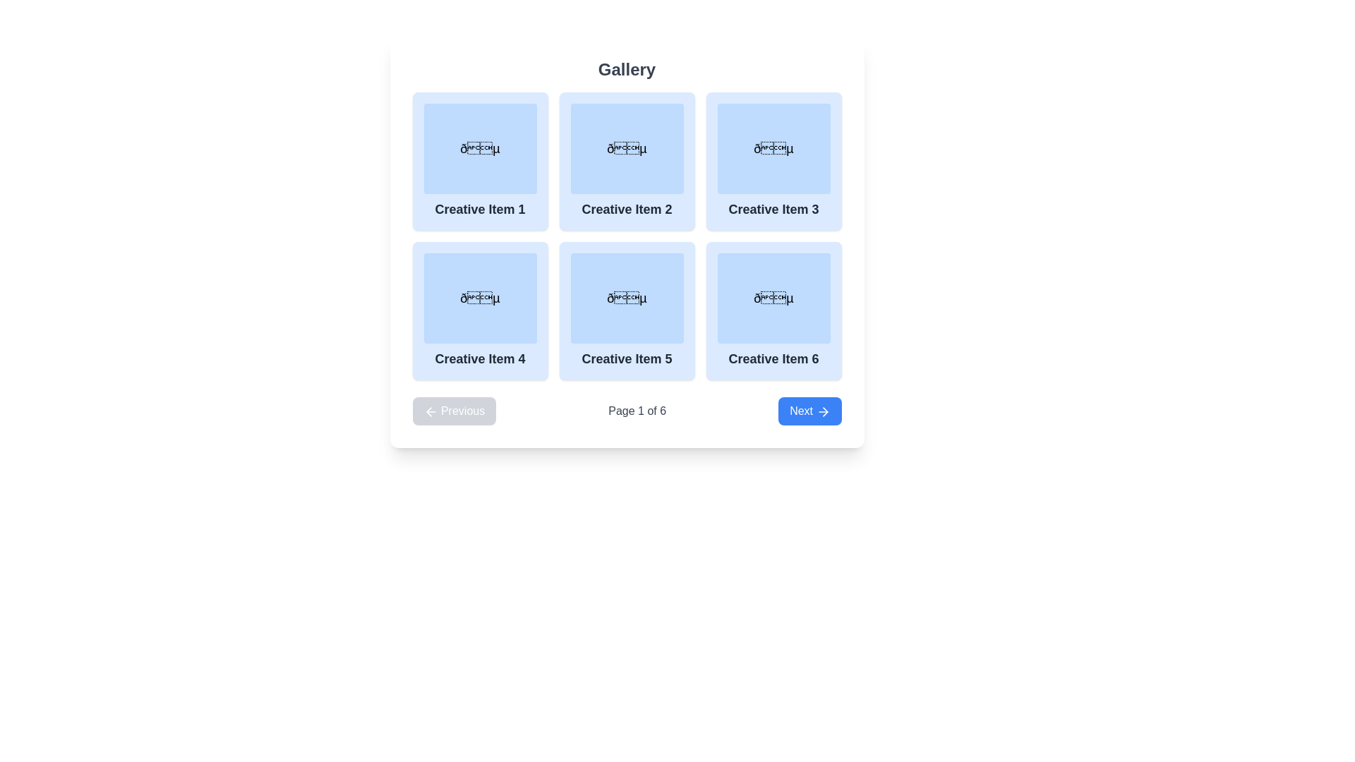 The height and width of the screenshot is (762, 1355). Describe the element at coordinates (626, 358) in the screenshot. I see `text label identifying the item as 'Creative Item 5', which is located in the bottom row of the gallery layout as the second item` at that location.